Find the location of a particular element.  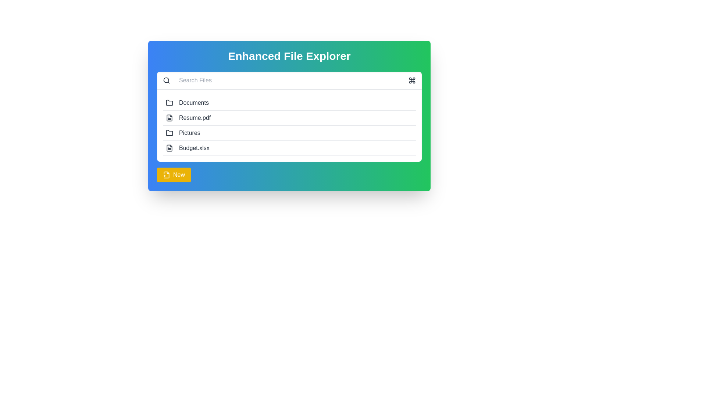

the selectable file named 'Resume.pdf' in the Enhanced File Explorer, which is the second item in the list is located at coordinates (289, 116).